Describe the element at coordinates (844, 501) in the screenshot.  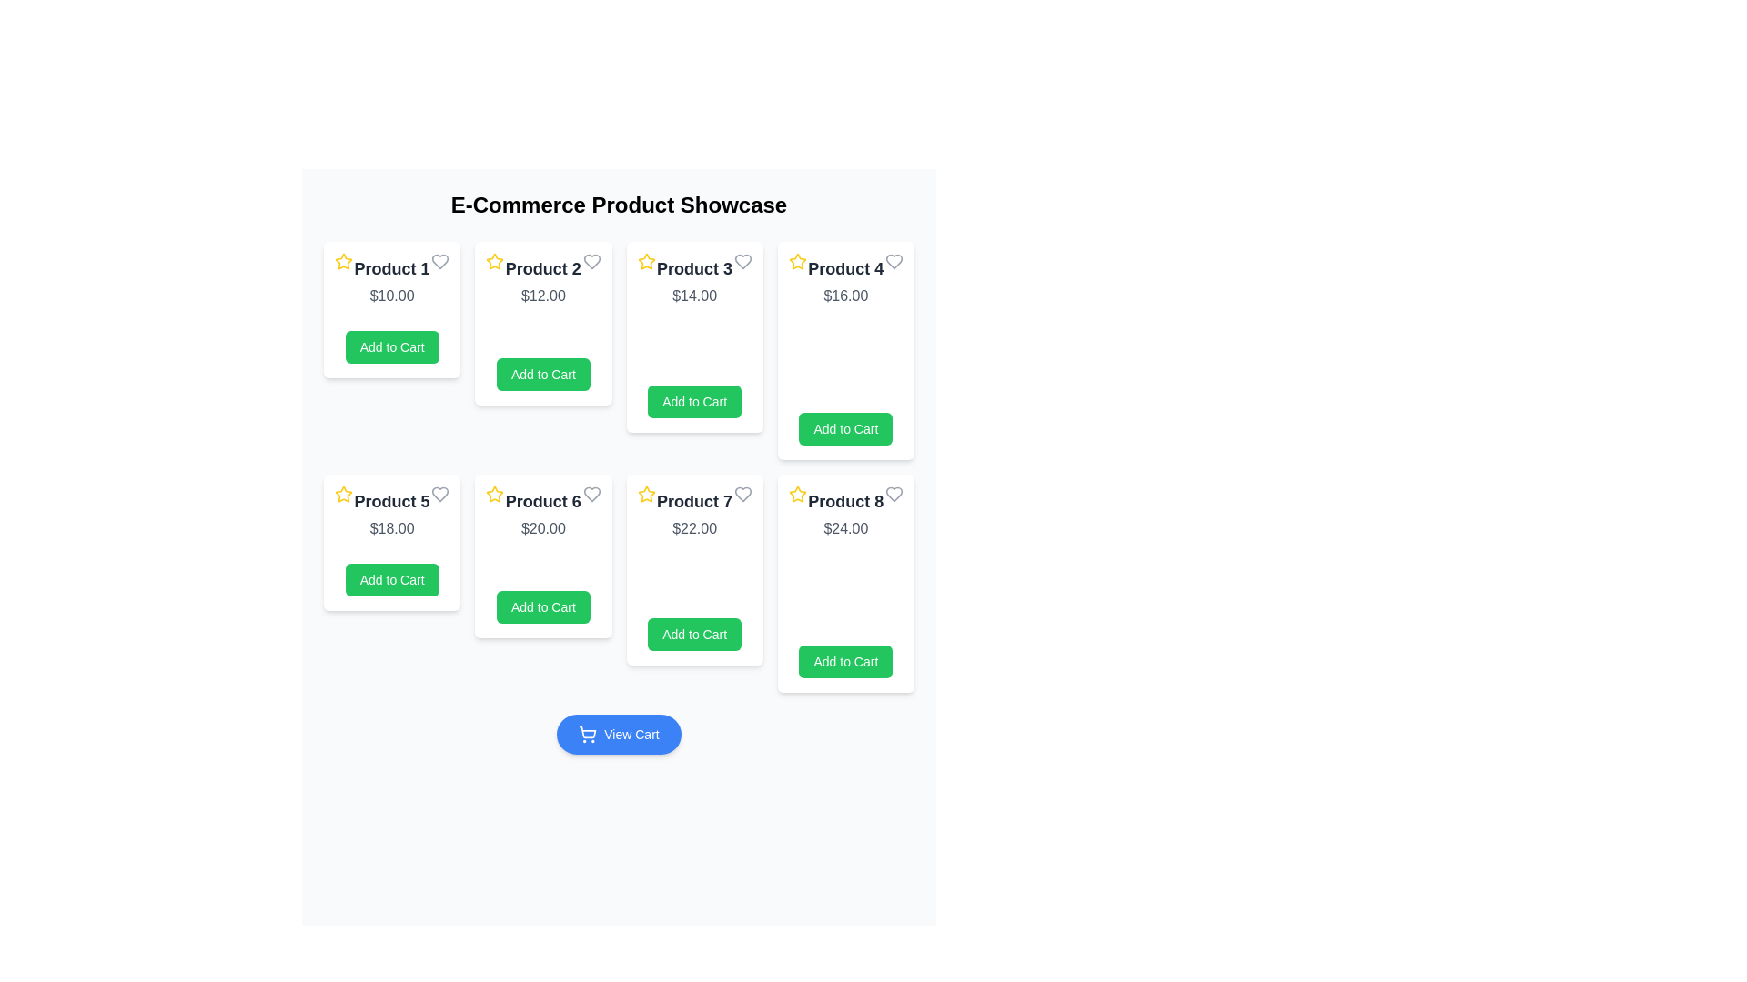
I see `the text label that identifies 'Product 8' in the product card located in the bottom-right corner of the product grid` at that location.